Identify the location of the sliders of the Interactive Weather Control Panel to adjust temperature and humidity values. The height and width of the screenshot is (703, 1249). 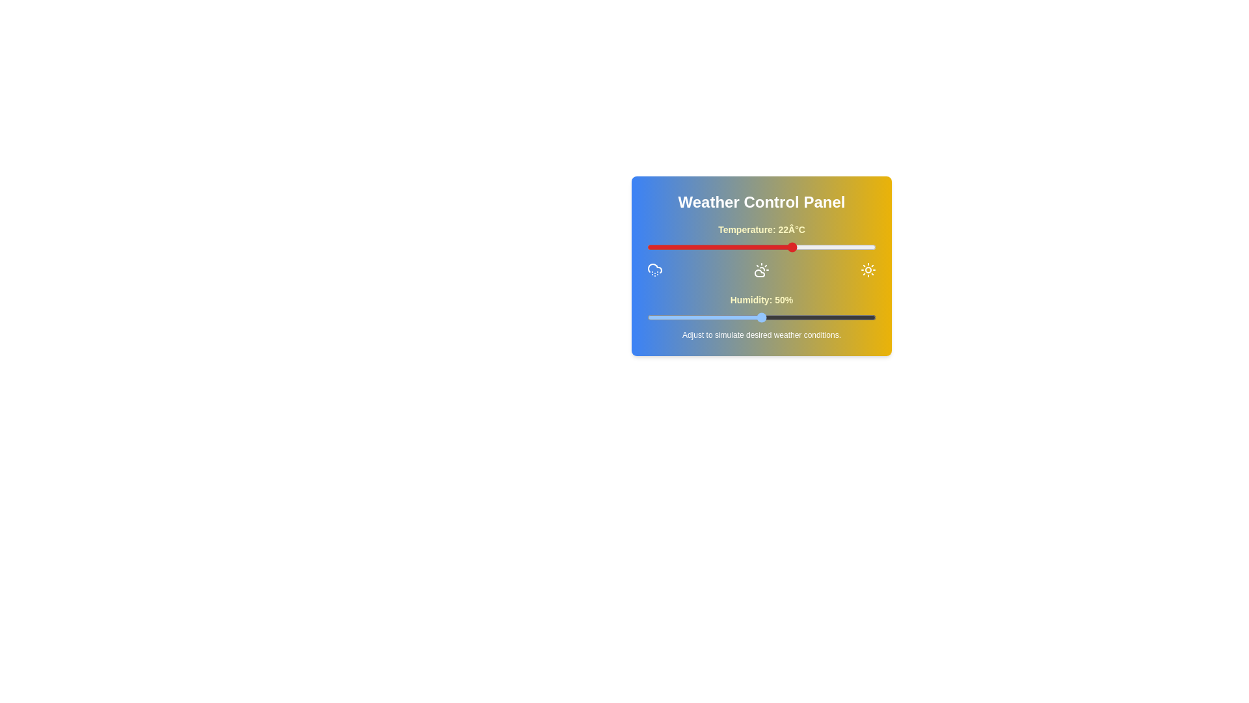
(762, 265).